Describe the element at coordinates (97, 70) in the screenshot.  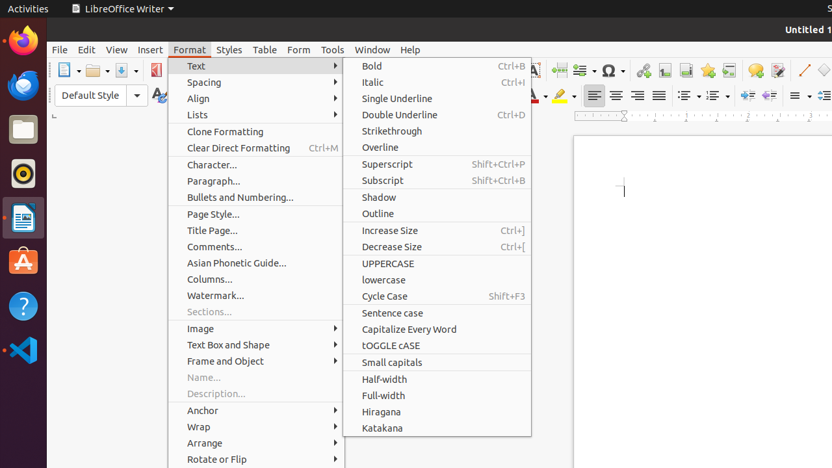
I see `'Open'` at that location.